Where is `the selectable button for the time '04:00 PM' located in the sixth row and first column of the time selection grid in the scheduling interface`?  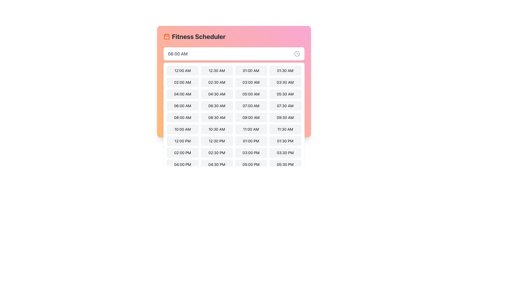
the selectable button for the time '04:00 PM' located in the sixth row and first column of the time selection grid in the scheduling interface is located at coordinates (182, 164).